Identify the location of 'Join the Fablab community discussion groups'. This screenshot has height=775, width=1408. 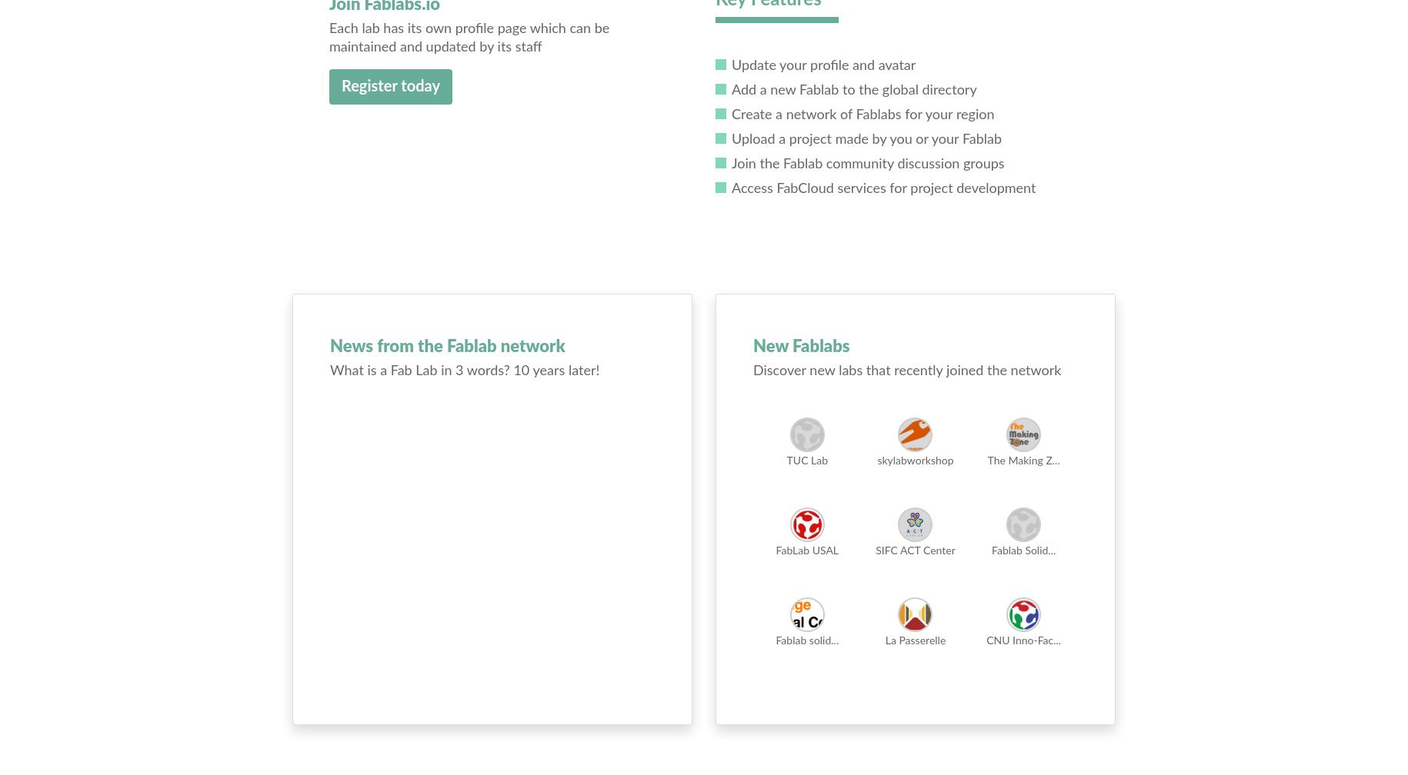
(866, 164).